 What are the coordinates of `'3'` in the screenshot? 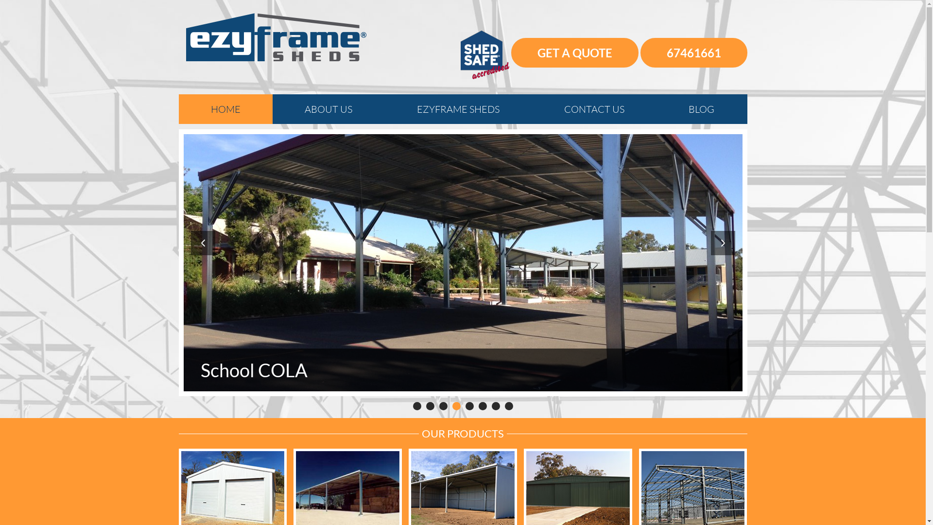 It's located at (443, 406).